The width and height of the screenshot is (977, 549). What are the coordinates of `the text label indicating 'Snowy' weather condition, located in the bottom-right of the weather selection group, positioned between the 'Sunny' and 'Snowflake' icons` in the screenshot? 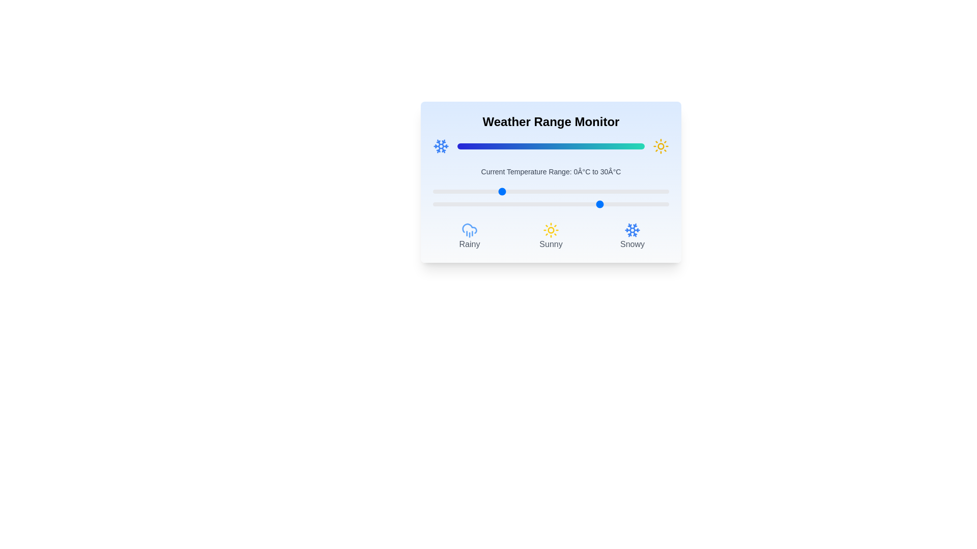 It's located at (632, 245).